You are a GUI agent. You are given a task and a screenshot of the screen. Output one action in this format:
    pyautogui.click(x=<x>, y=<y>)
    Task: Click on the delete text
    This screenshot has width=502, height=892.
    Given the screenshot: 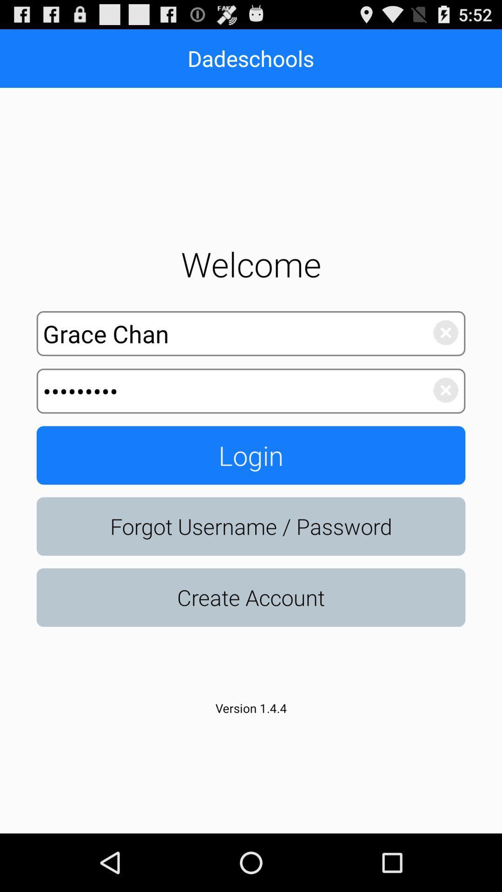 What is the action you would take?
    pyautogui.click(x=440, y=391)
    